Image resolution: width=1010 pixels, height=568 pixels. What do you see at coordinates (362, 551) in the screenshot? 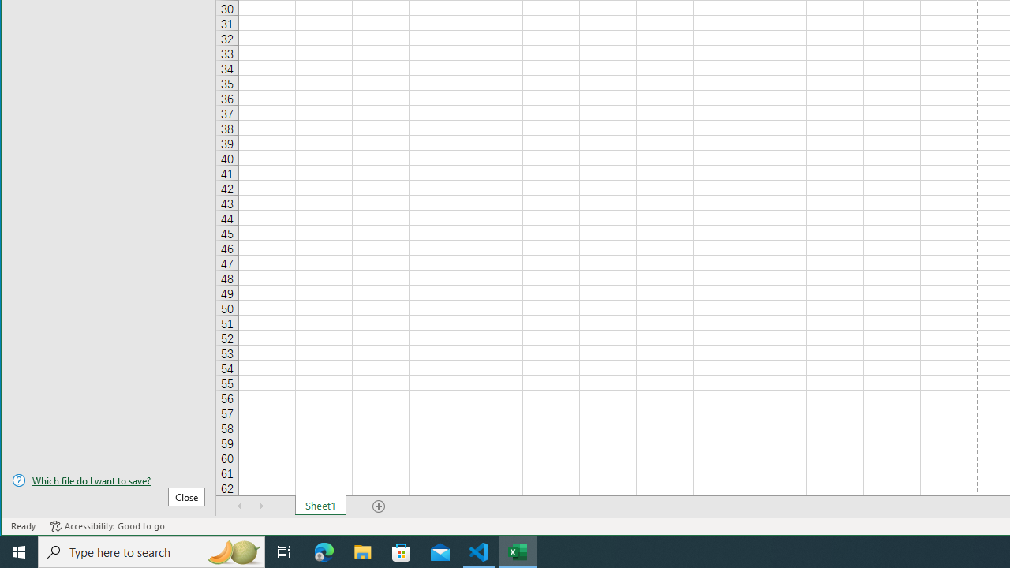
I see `'File Explorer'` at bounding box center [362, 551].